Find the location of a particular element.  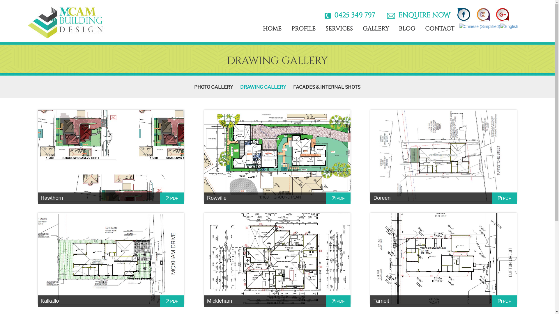

'google' is located at coordinates (517, 11).